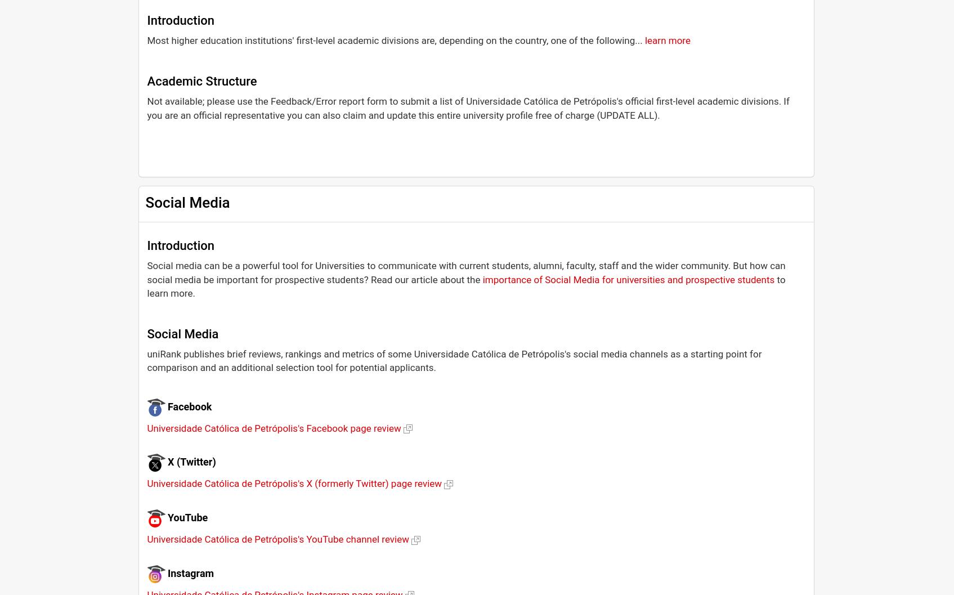  I want to click on 'Universidade Católica de Petrópolis's Facebook page review', so click(273, 427).